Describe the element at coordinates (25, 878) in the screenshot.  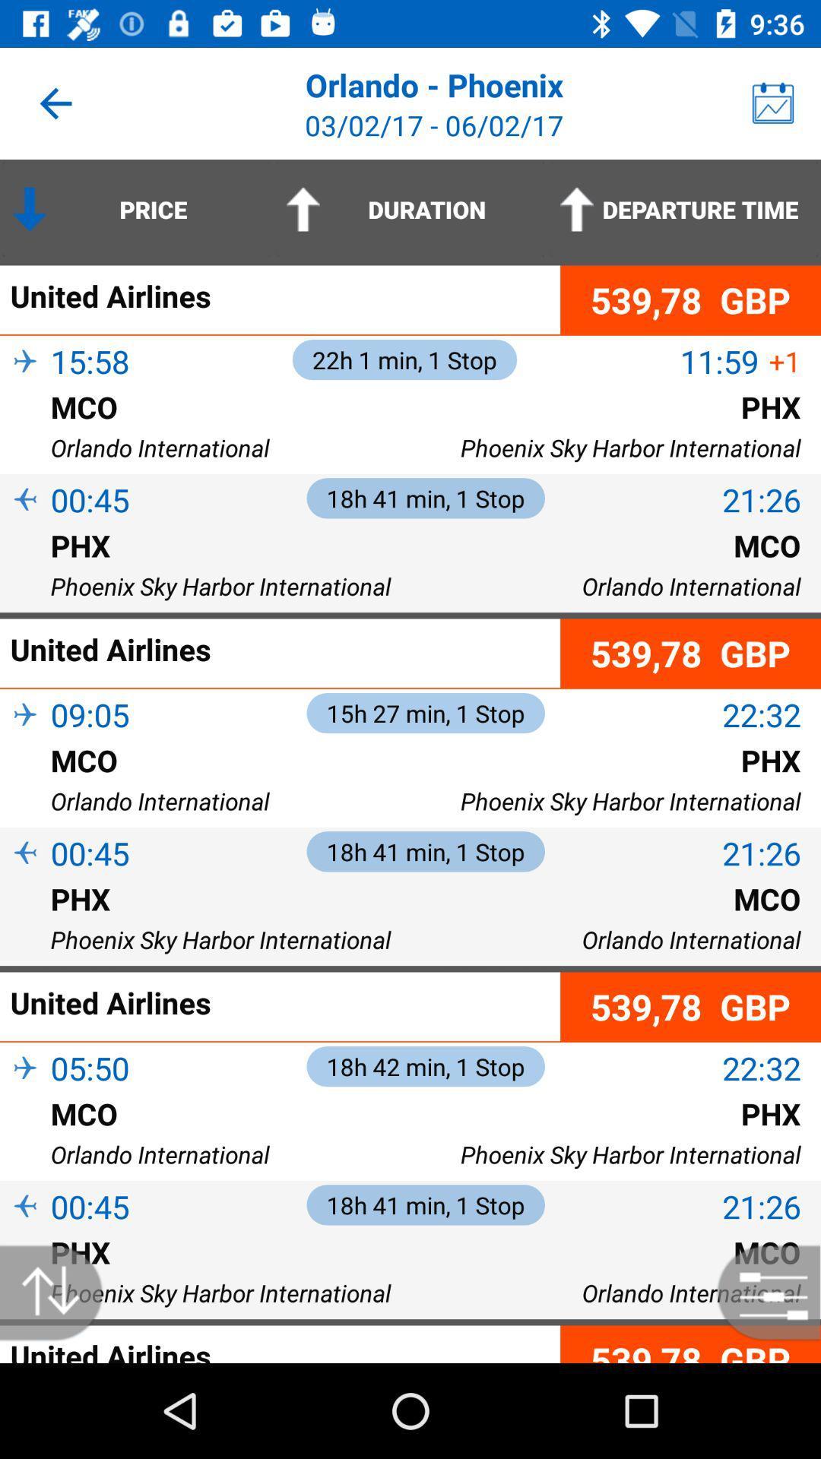
I see `item next to the 00:45 icon` at that location.